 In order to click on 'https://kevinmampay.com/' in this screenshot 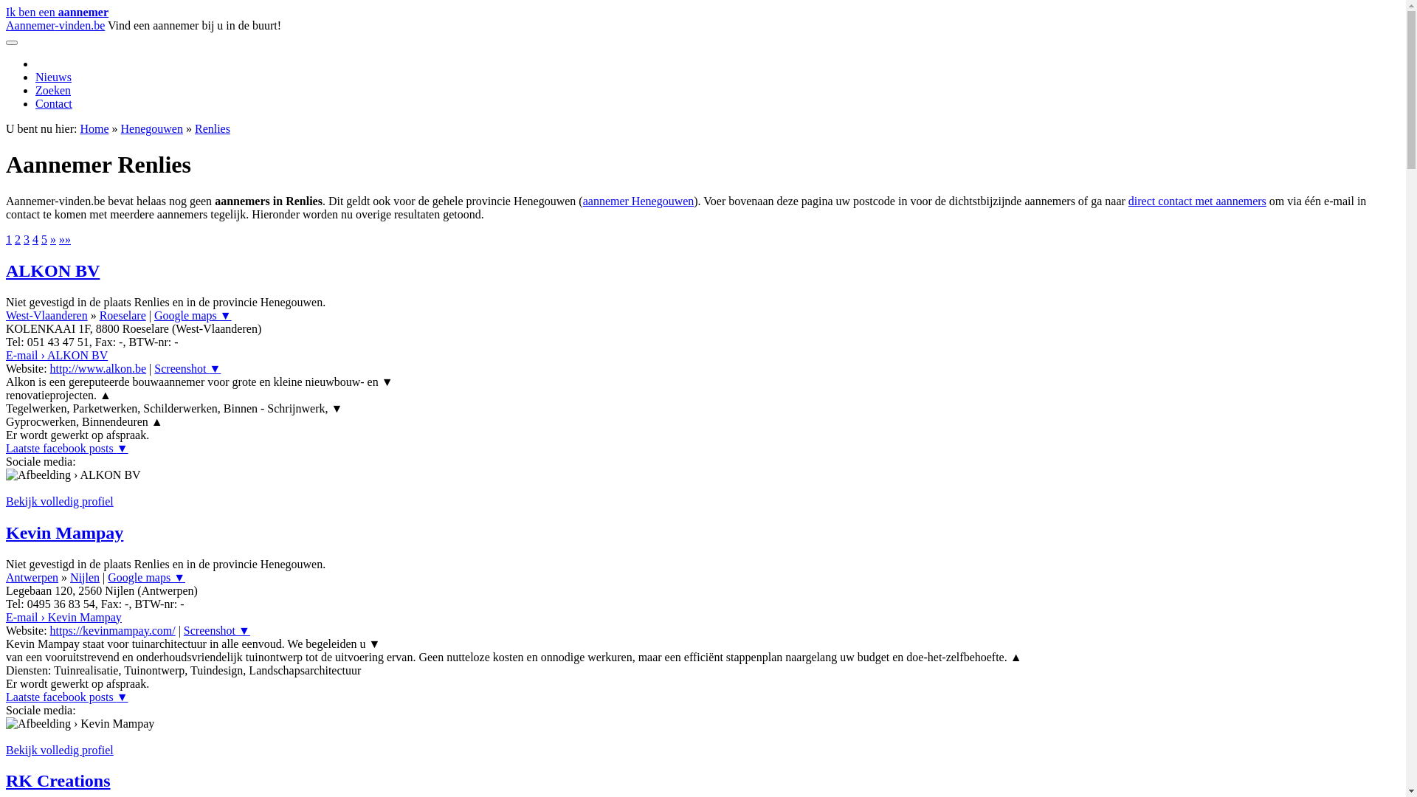, I will do `click(112, 630)`.